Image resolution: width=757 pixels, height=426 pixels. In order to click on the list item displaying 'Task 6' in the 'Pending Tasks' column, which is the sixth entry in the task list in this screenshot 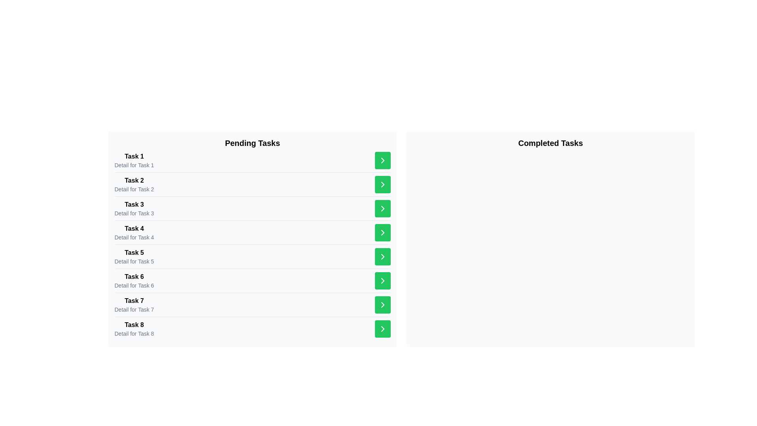, I will do `click(134, 280)`.